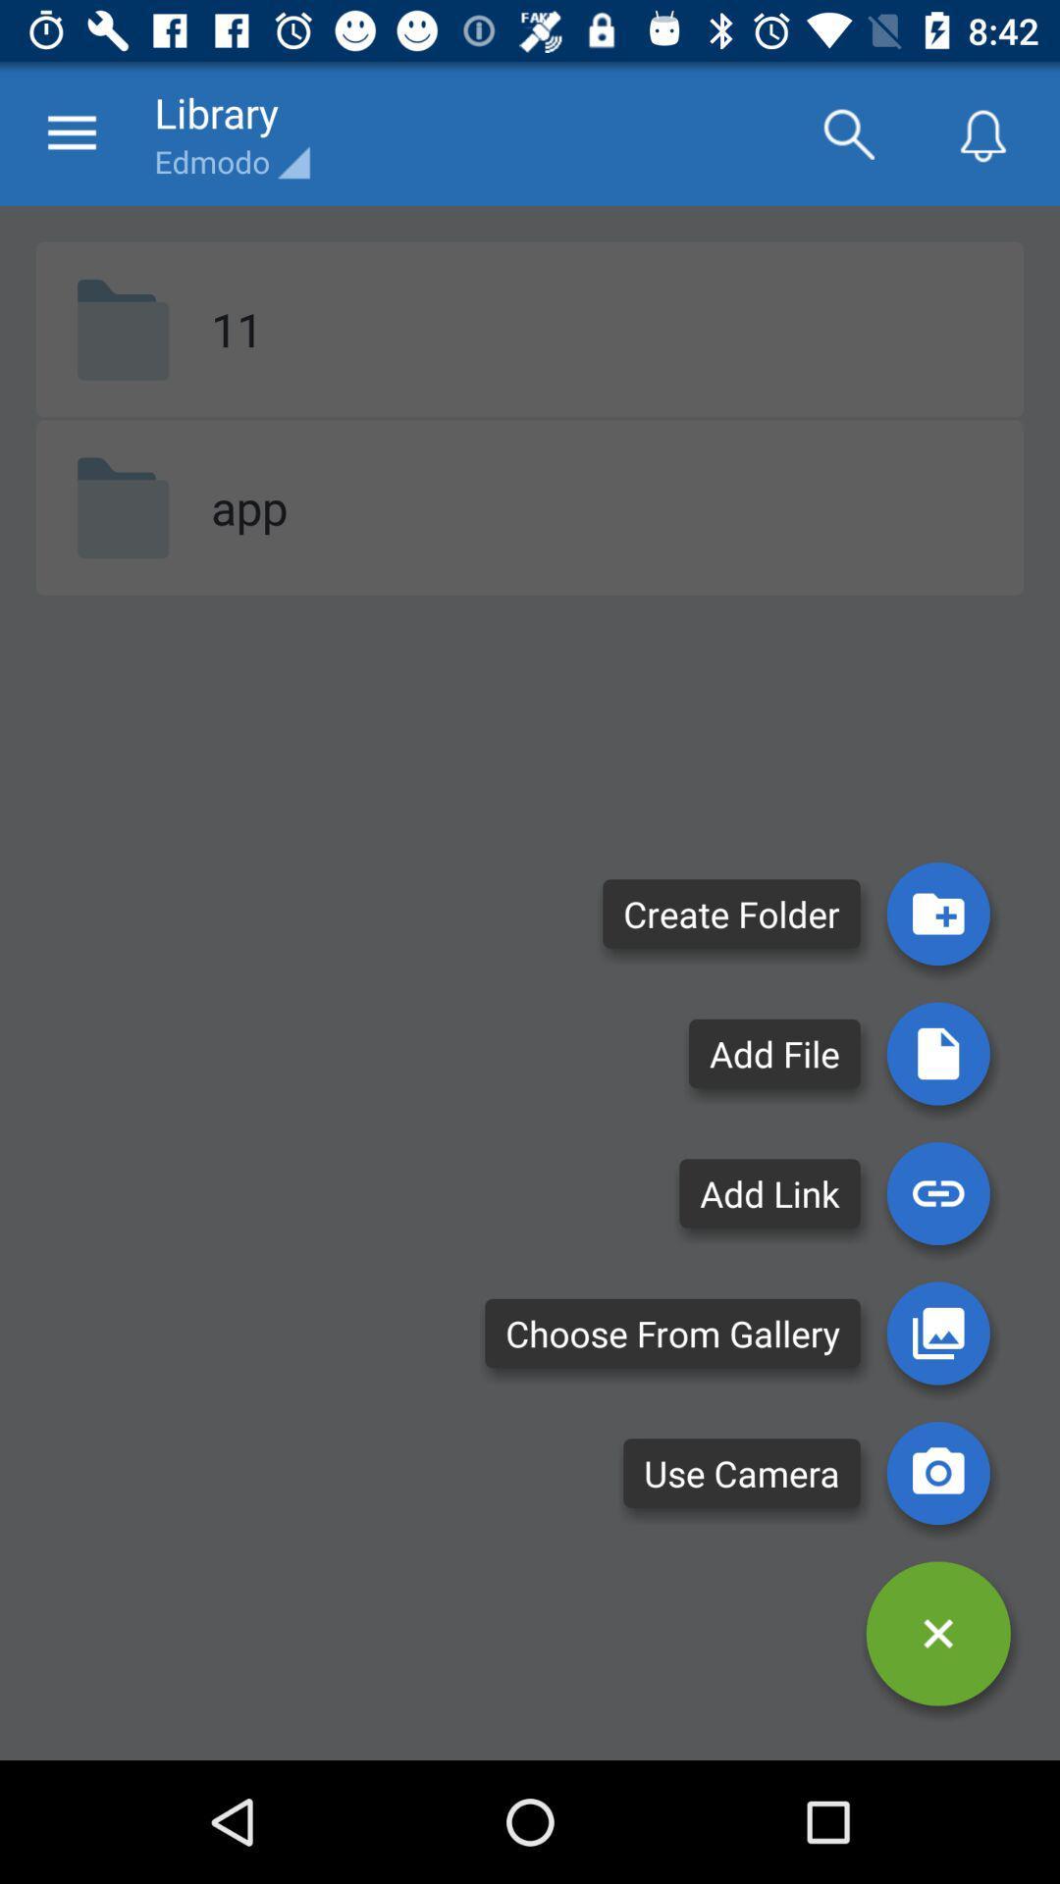 The height and width of the screenshot is (1884, 1060). Describe the element at coordinates (937, 1634) in the screenshot. I see `menu` at that location.